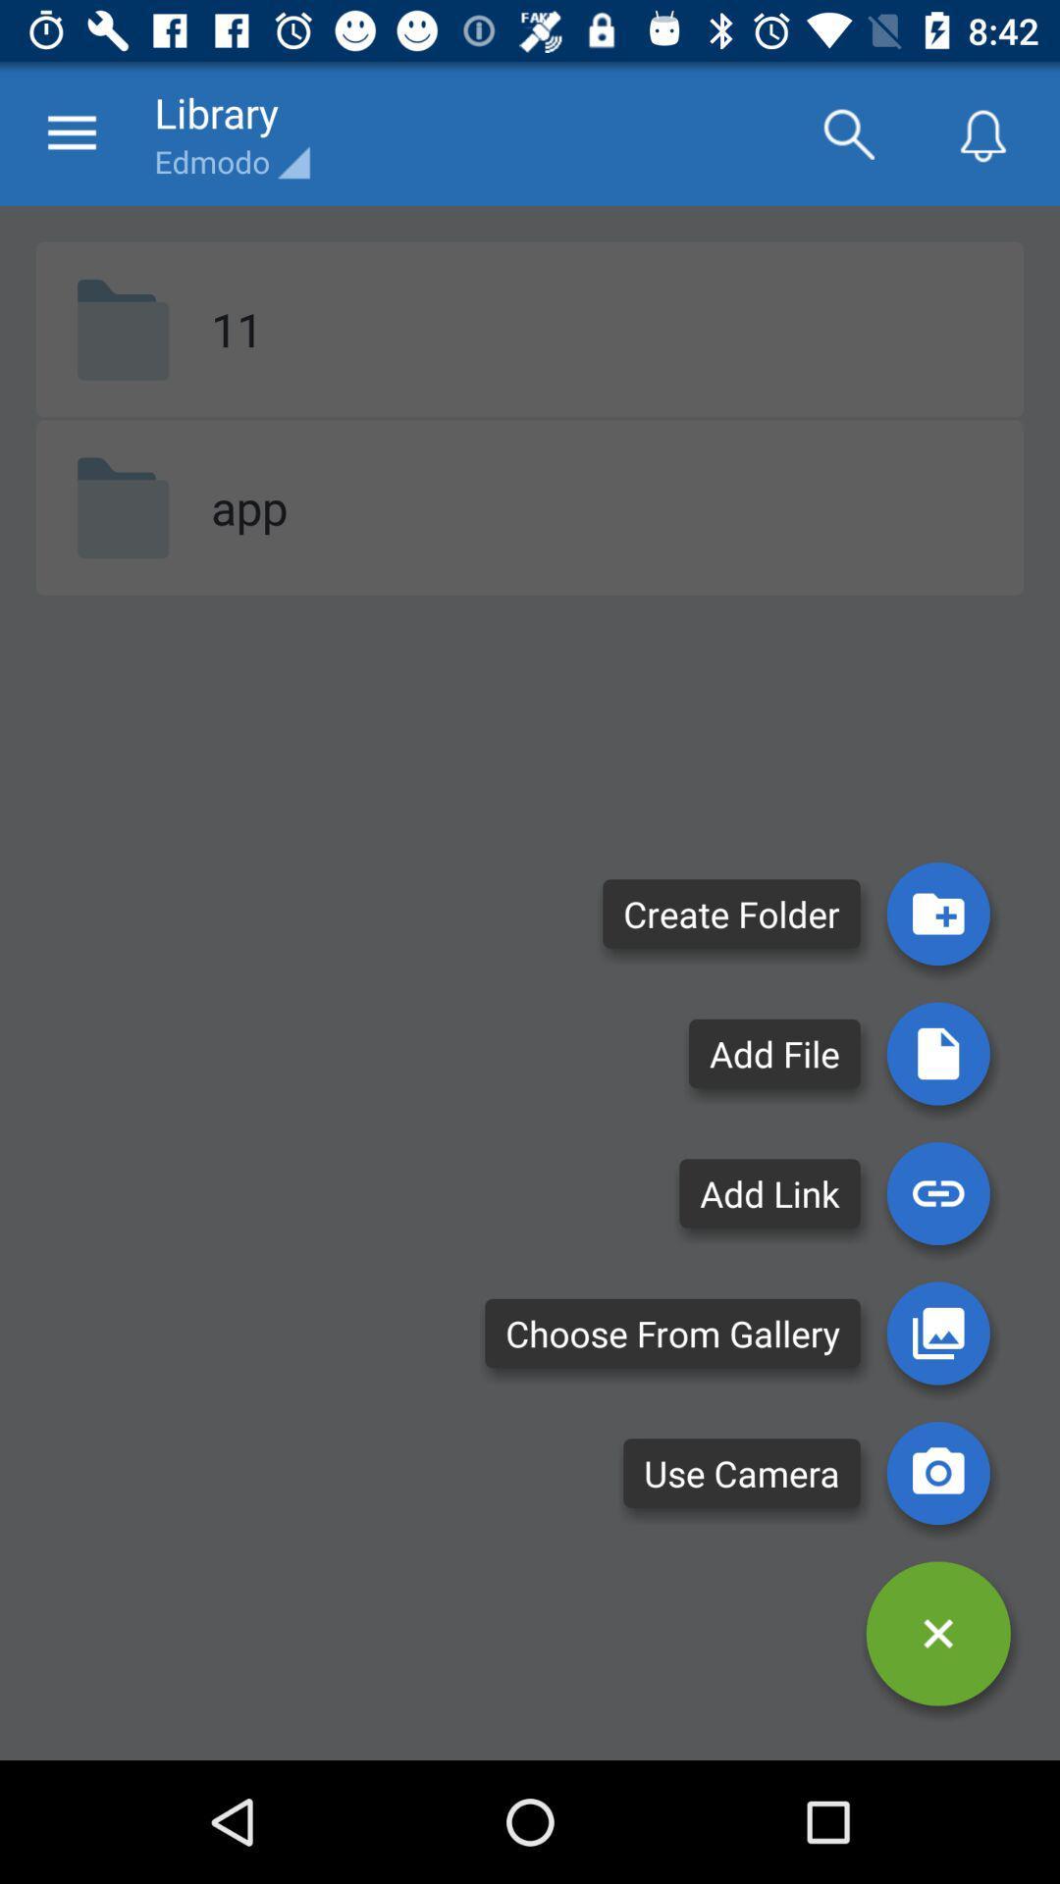 The height and width of the screenshot is (1884, 1060). Describe the element at coordinates (937, 1634) in the screenshot. I see `menu` at that location.